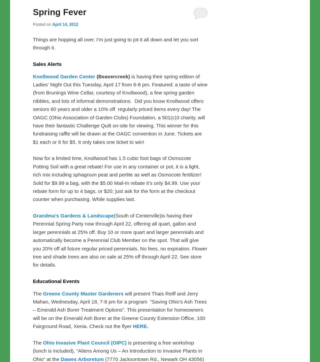  What do you see at coordinates (32, 281) in the screenshot?
I see `'Educational Events'` at bounding box center [32, 281].